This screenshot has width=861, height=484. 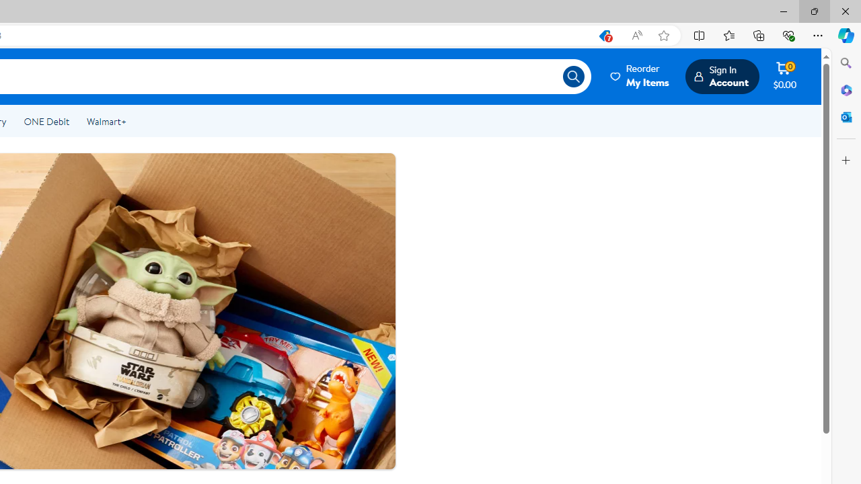 What do you see at coordinates (603, 35) in the screenshot?
I see `'This site has coupons! Shopping in Microsoft Edge, 7'` at bounding box center [603, 35].